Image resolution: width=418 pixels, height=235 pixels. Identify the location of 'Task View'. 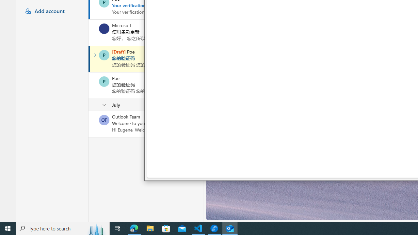
(117, 228).